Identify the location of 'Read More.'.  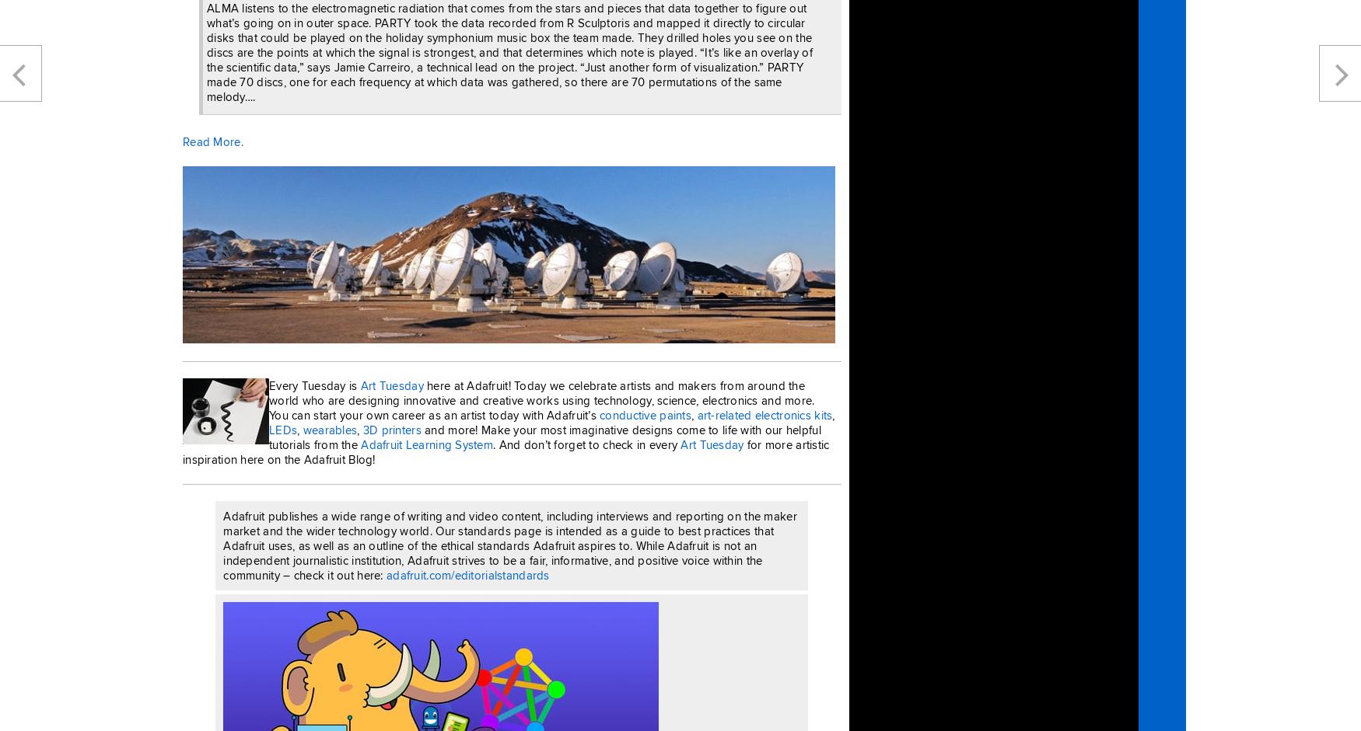
(212, 141).